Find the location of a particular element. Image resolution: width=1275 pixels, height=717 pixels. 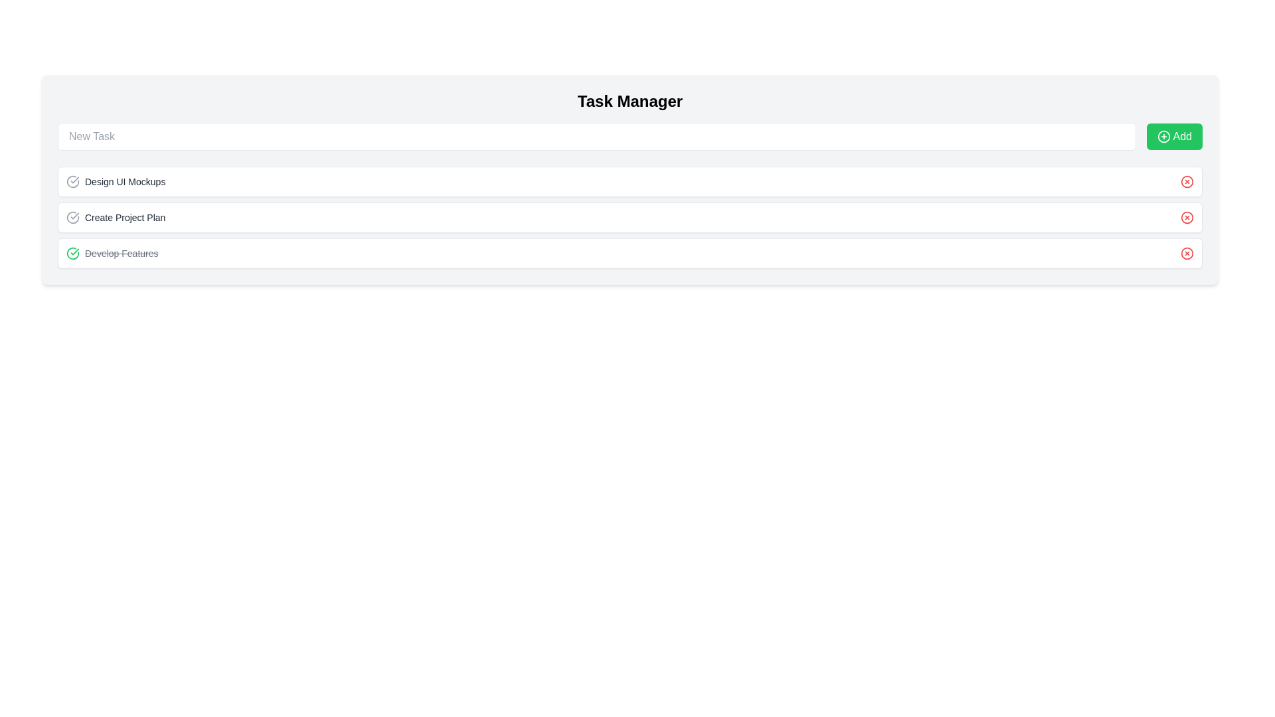

the 'Add Task' button located at the far right of the layout is located at coordinates (1174, 136).